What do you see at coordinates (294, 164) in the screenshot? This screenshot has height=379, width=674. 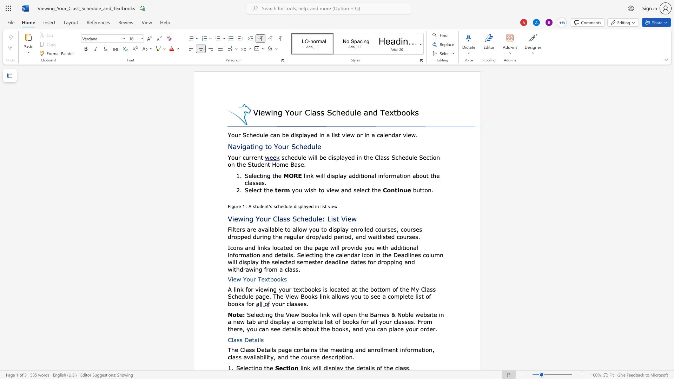 I see `the space between the continuous character "B" and "a" in the text` at bounding box center [294, 164].